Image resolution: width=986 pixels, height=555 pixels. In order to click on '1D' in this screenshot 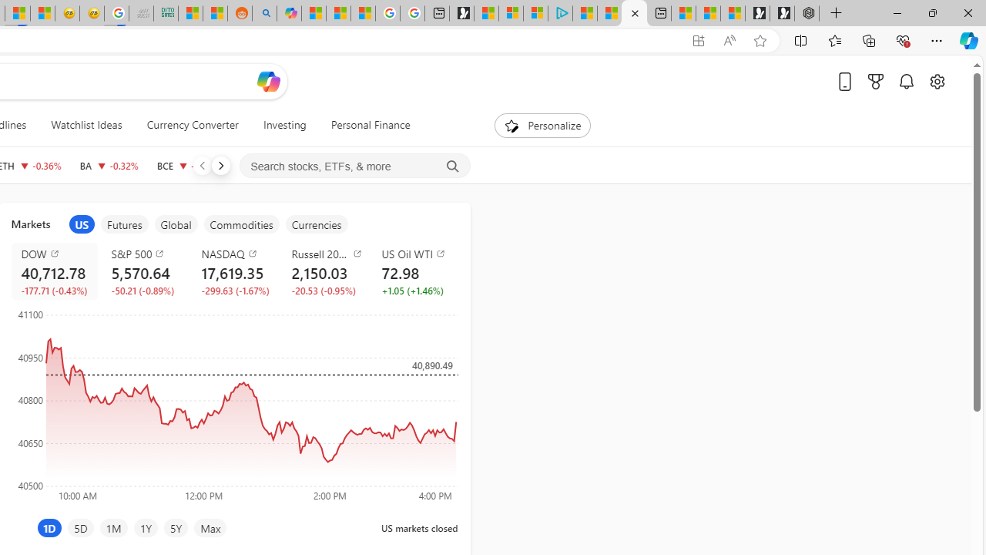, I will do `click(49, 527)`.